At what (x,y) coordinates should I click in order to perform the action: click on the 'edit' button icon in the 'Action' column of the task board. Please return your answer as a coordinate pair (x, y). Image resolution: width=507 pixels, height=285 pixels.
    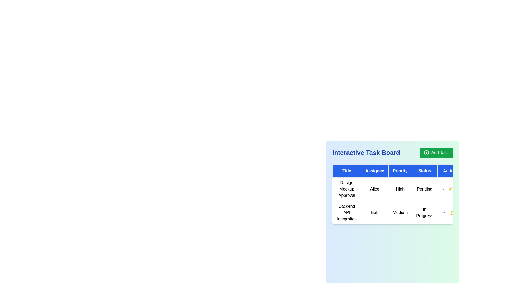
    Looking at the image, I should click on (450, 212).